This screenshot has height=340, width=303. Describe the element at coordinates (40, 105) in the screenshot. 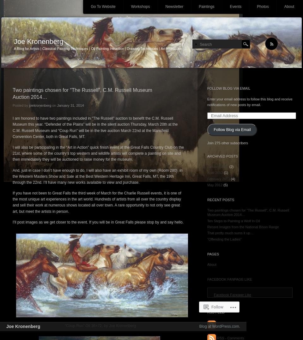

I see `'joekronenberg'` at that location.